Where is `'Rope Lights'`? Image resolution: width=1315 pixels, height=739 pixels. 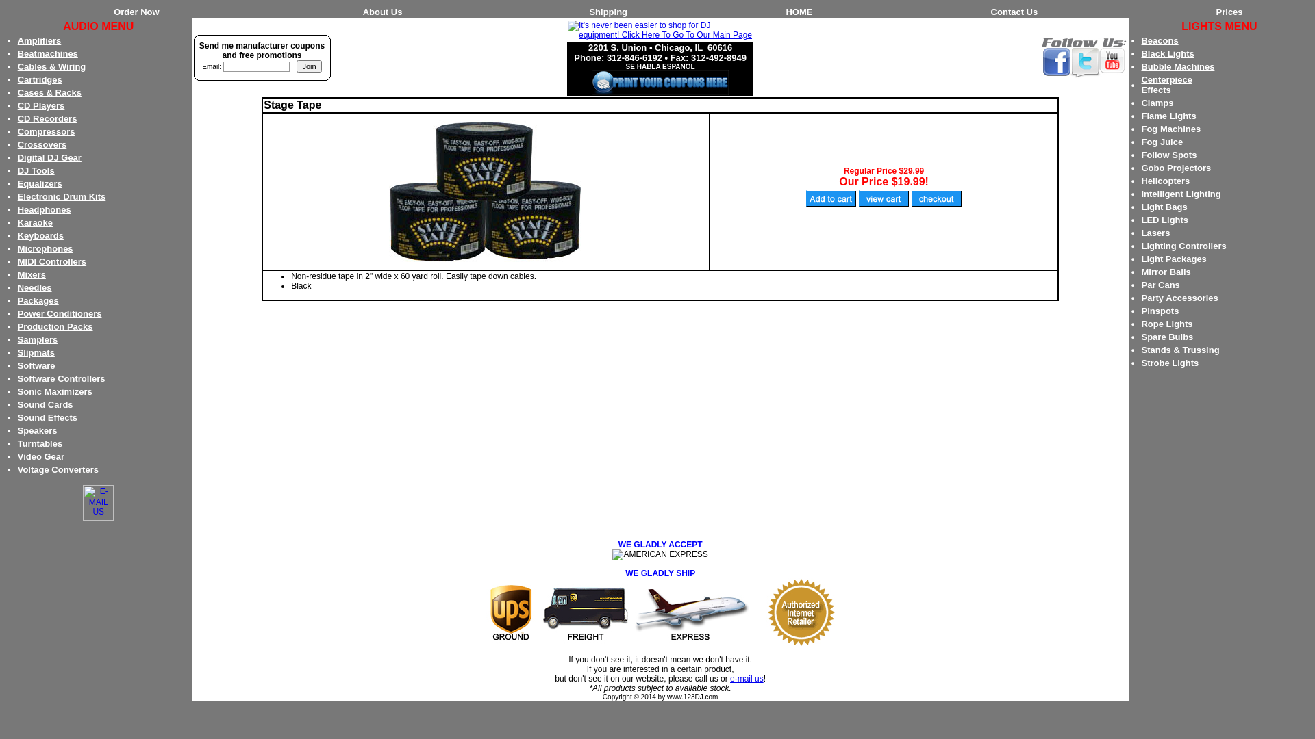 'Rope Lights' is located at coordinates (1166, 324).